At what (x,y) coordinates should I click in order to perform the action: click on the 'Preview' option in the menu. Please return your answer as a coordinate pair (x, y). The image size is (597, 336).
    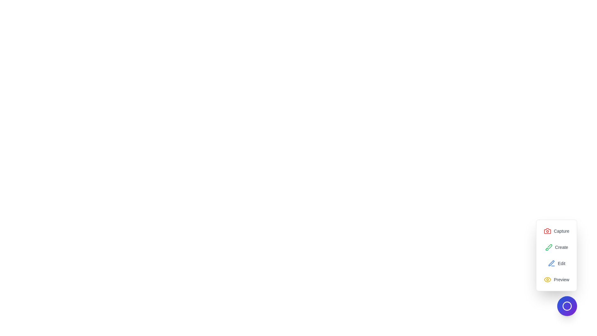
    Looking at the image, I should click on (557, 279).